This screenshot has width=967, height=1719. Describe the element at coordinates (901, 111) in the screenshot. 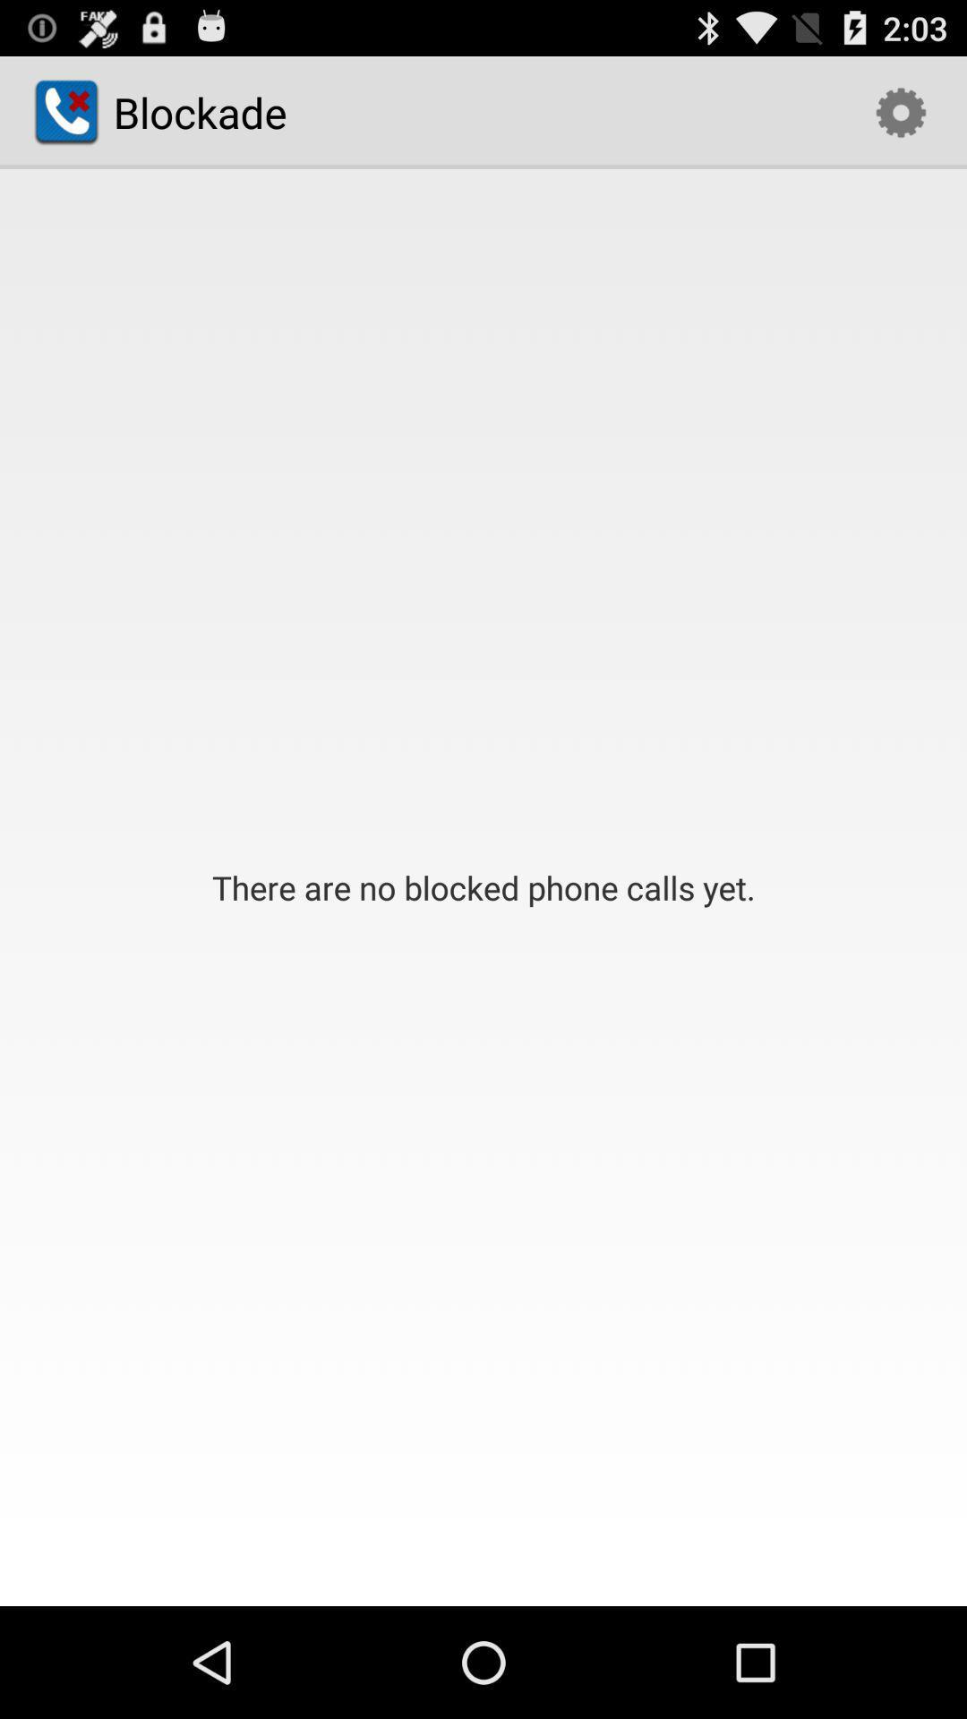

I see `the item to the right of the blockade icon` at that location.